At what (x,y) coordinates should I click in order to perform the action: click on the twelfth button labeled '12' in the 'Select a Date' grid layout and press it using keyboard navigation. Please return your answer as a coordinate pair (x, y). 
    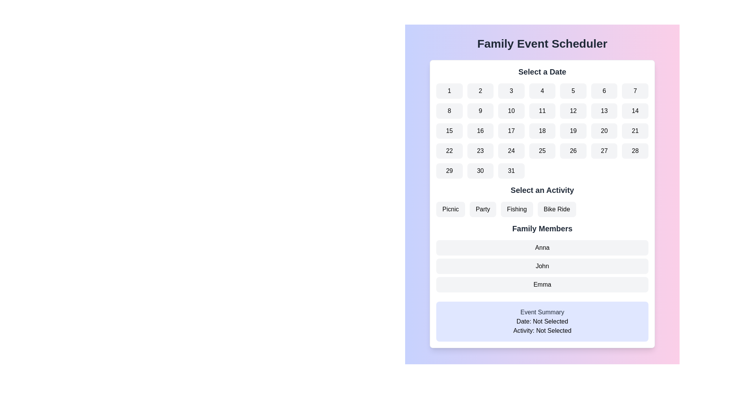
    Looking at the image, I should click on (573, 111).